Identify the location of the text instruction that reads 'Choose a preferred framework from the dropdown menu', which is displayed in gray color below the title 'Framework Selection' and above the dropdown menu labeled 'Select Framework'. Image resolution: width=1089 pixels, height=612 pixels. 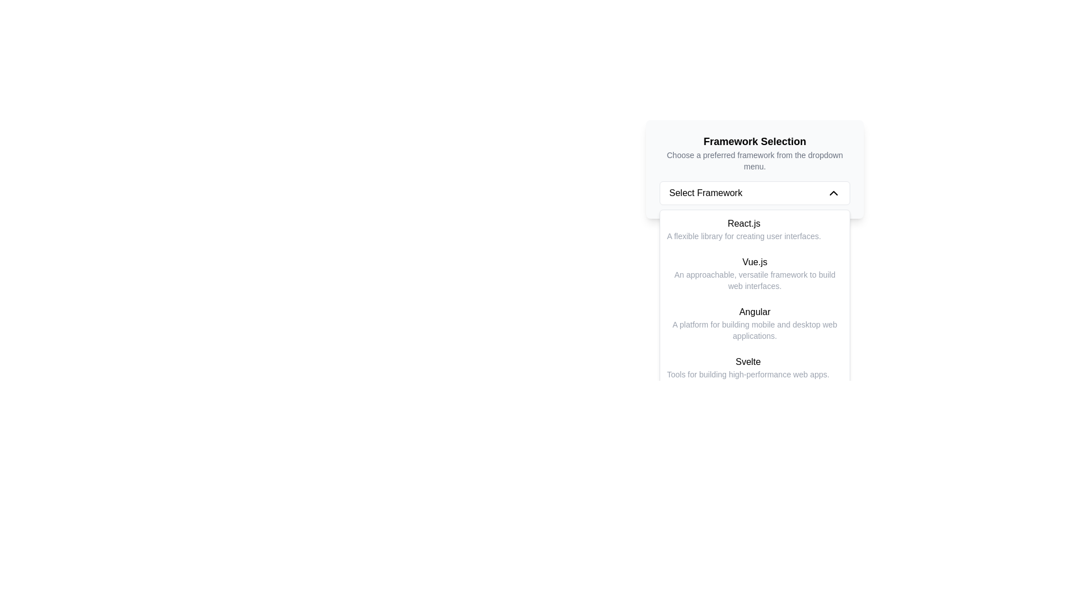
(754, 161).